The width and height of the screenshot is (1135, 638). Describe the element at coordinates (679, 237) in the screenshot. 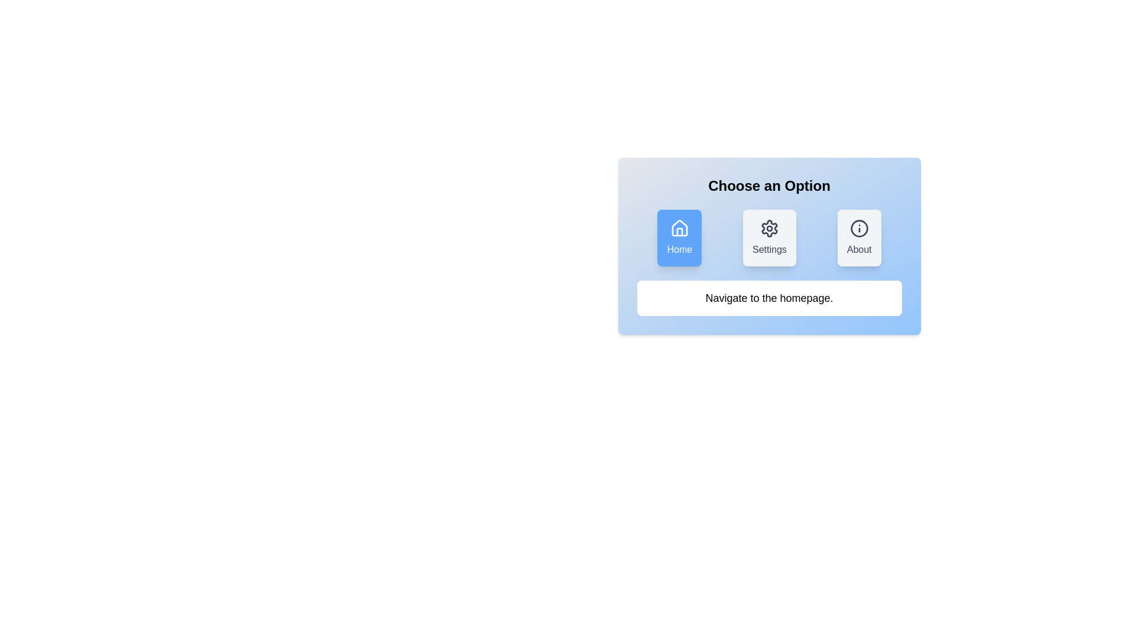

I see `the Home button to select it` at that location.